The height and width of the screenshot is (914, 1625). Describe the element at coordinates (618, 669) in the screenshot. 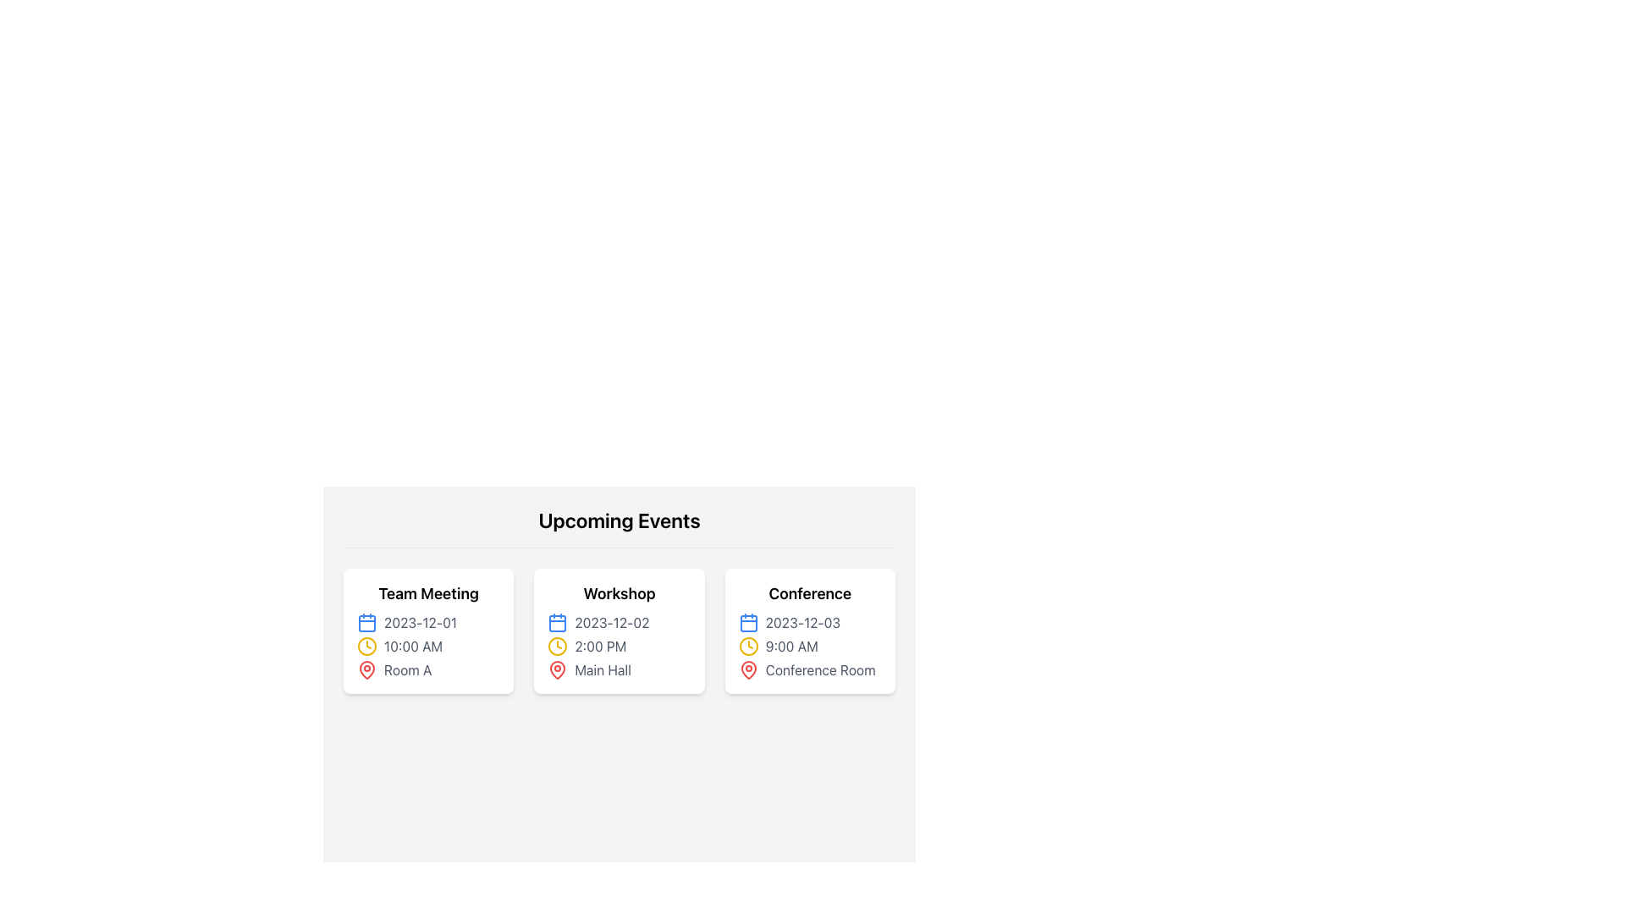

I see `the 'Main Hall' text element with a red location pin icon located in the rightmost section of the 'Workshop' group under 'Upcoming Events.'` at that location.